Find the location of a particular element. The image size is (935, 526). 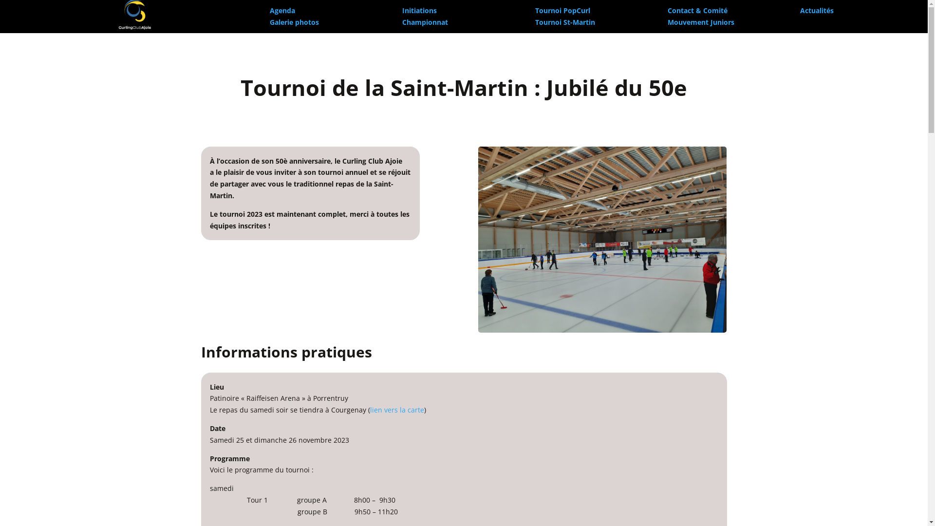

'Tournoi St-Martin' is located at coordinates (564, 22).